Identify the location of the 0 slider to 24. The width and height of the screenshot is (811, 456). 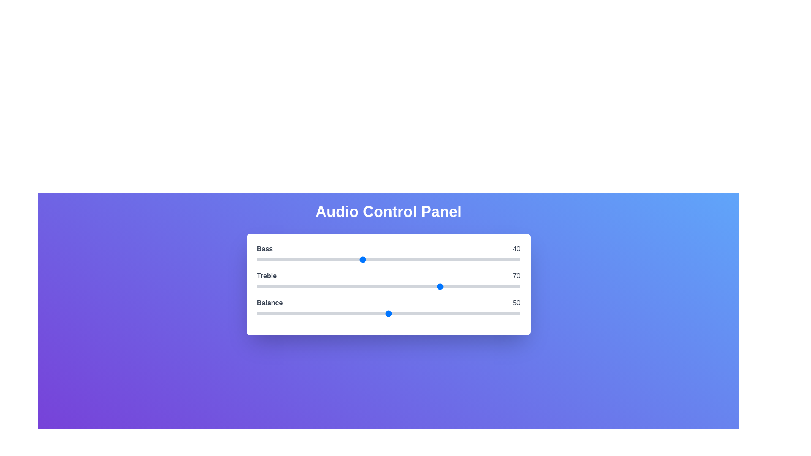
(319, 259).